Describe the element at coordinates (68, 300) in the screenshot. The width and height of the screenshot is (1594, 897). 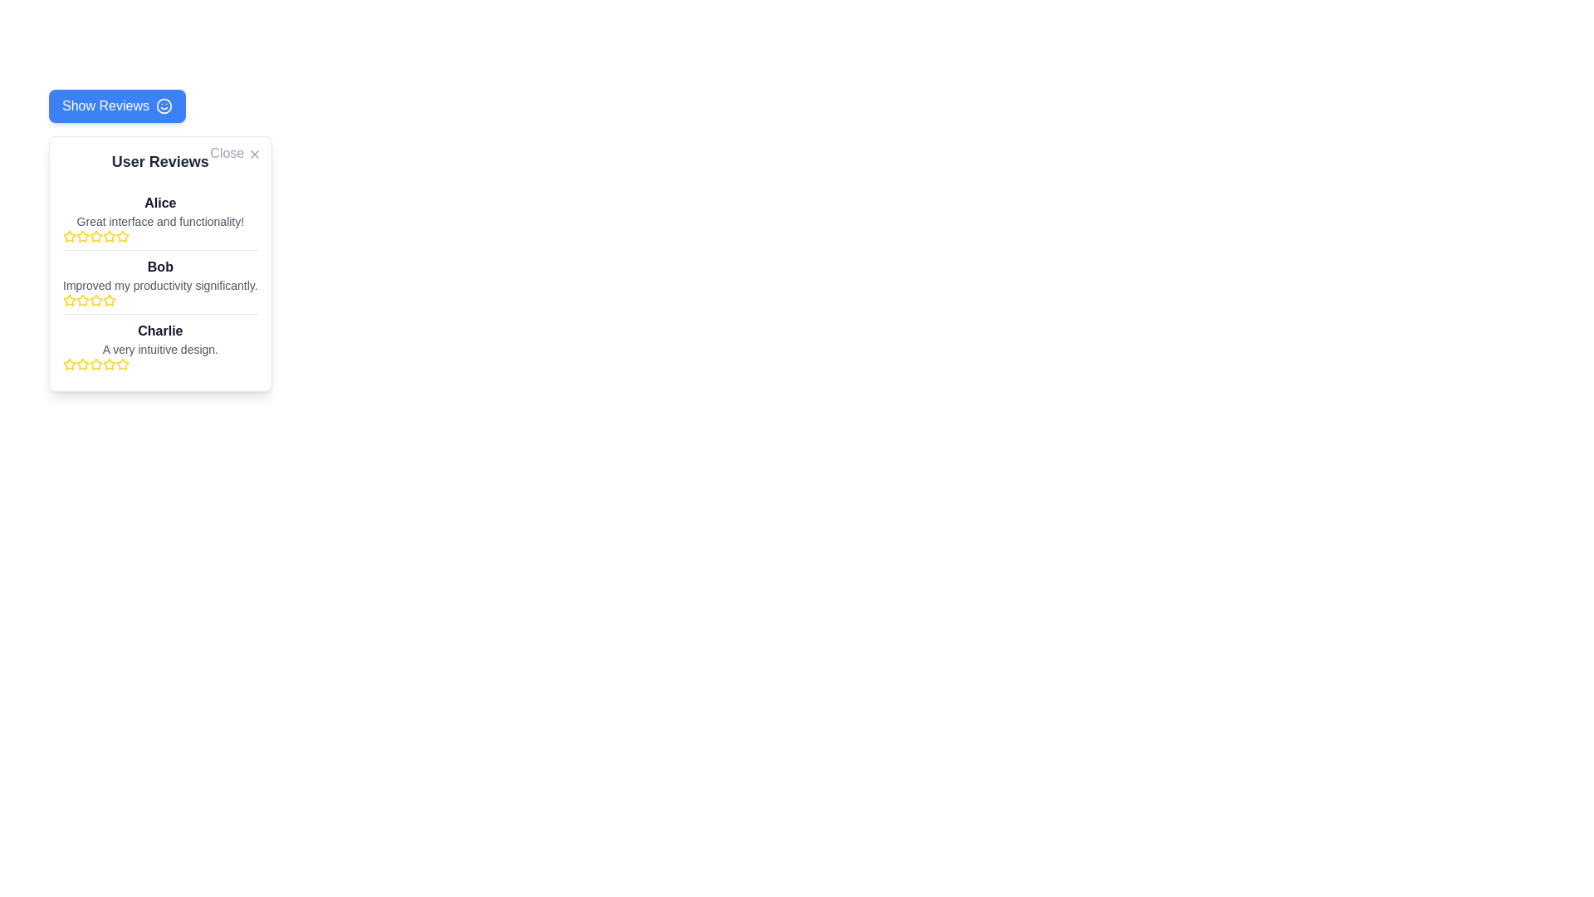
I see `the second star` at that location.